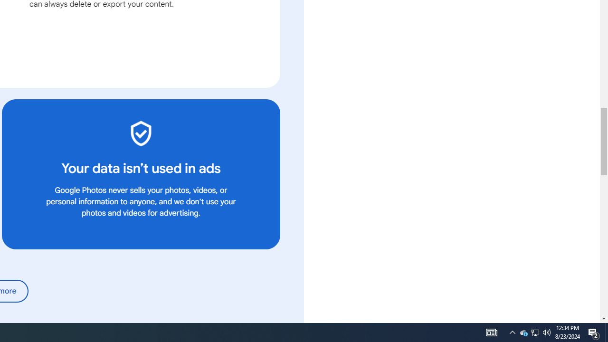 The height and width of the screenshot is (342, 608). Describe the element at coordinates (140, 133) in the screenshot. I see `'A checkmark icon.'` at that location.